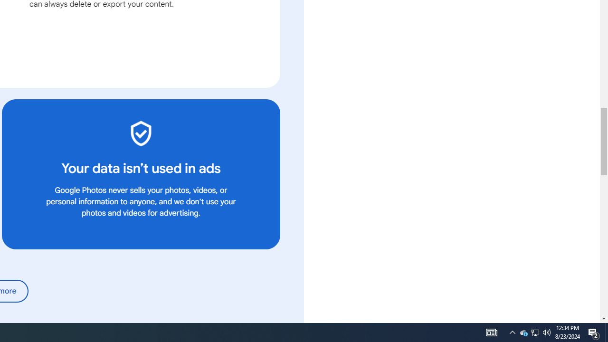 The height and width of the screenshot is (342, 608). Describe the element at coordinates (140, 133) in the screenshot. I see `'A checkmark icon.'` at that location.